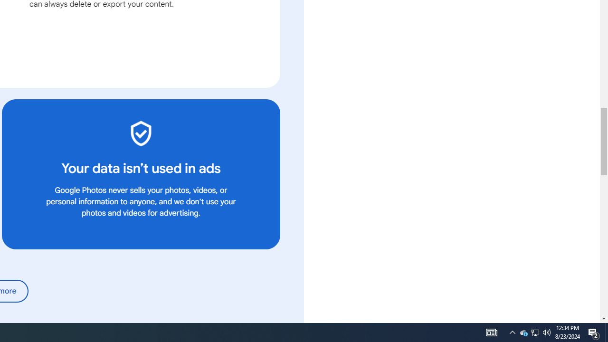 The height and width of the screenshot is (342, 608). Describe the element at coordinates (140, 133) in the screenshot. I see `'A checkmark icon.'` at that location.